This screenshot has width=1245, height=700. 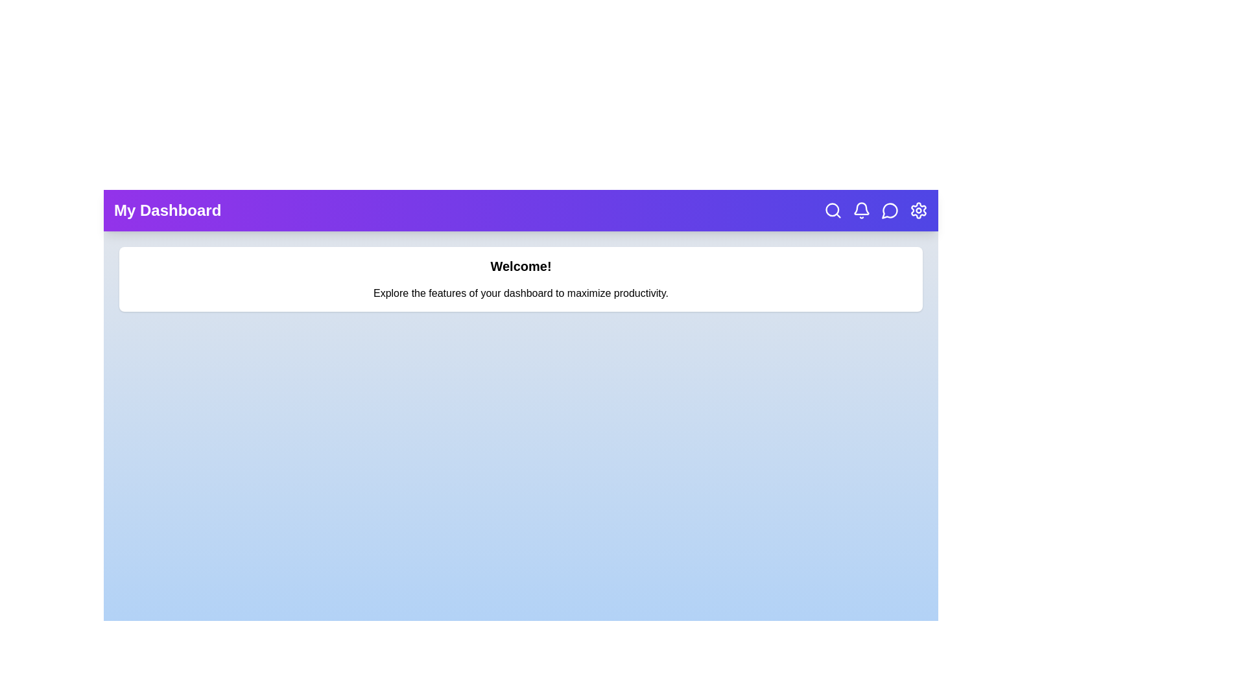 I want to click on the Messages button to perform its associated action, so click(x=889, y=209).